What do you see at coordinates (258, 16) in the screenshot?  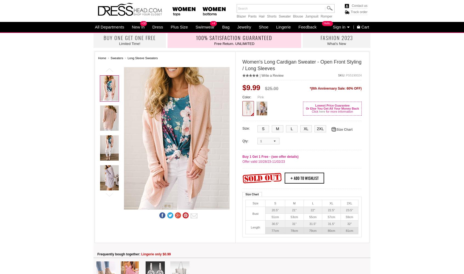 I see `'Hair'` at bounding box center [258, 16].